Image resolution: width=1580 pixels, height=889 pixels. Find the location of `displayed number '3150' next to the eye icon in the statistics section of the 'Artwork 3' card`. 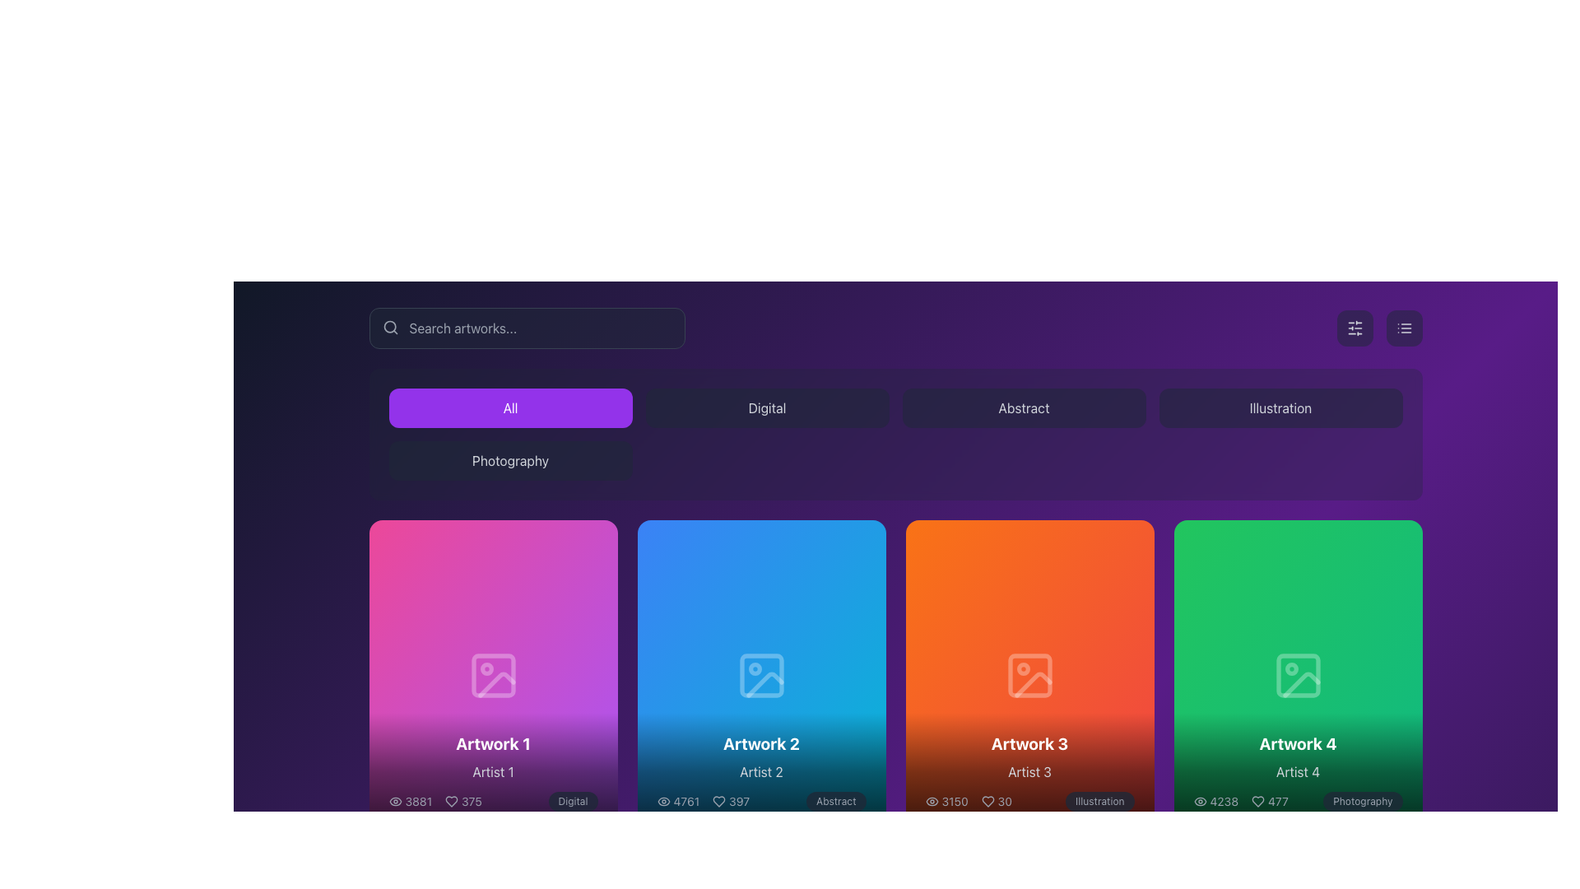

displayed number '3150' next to the eye icon in the statistics section of the 'Artwork 3' card is located at coordinates (946, 800).